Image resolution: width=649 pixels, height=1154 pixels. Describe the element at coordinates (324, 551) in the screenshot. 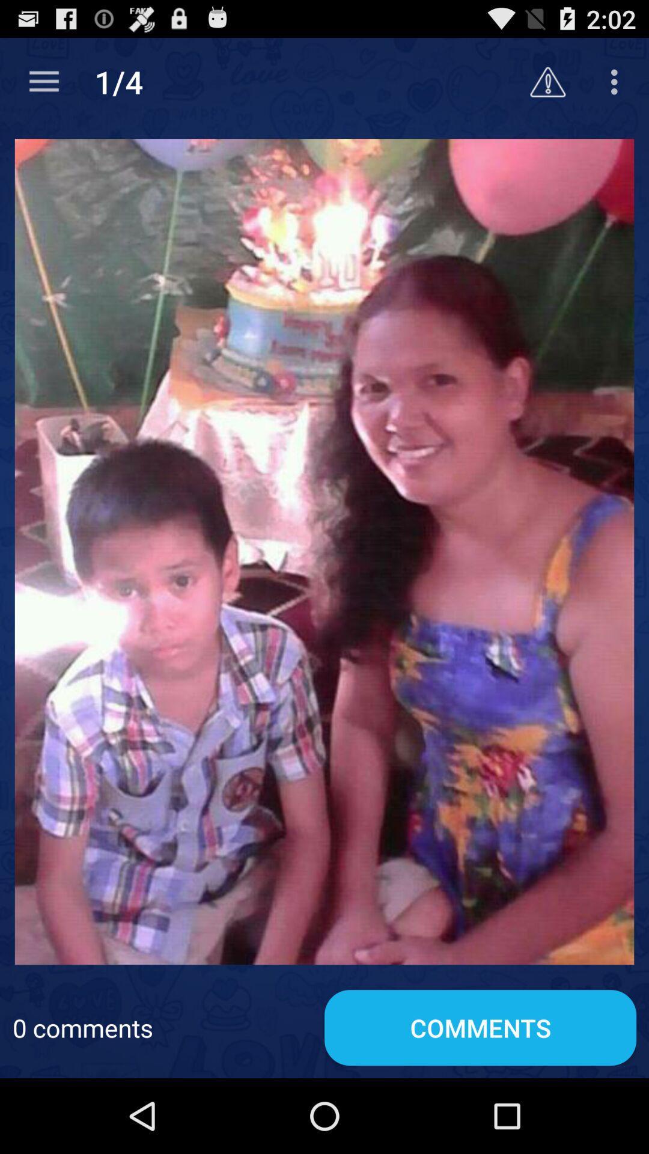

I see `the icon above the comments icon` at that location.